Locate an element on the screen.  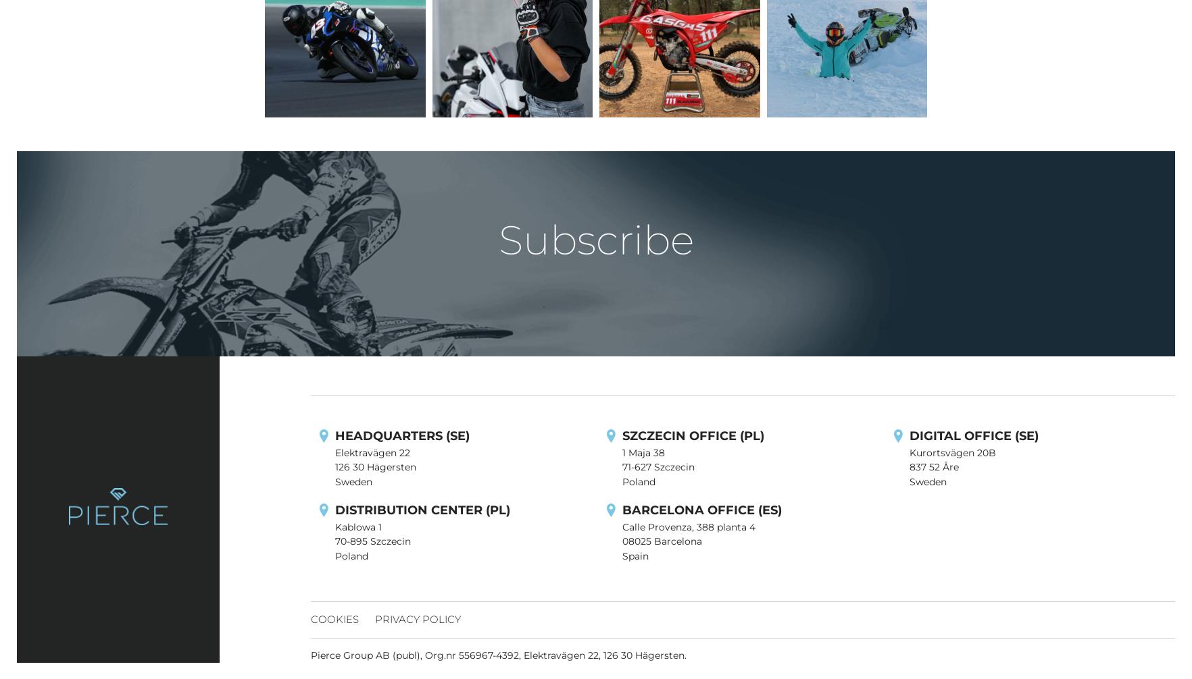
'1 Maja 38' is located at coordinates (643, 452).